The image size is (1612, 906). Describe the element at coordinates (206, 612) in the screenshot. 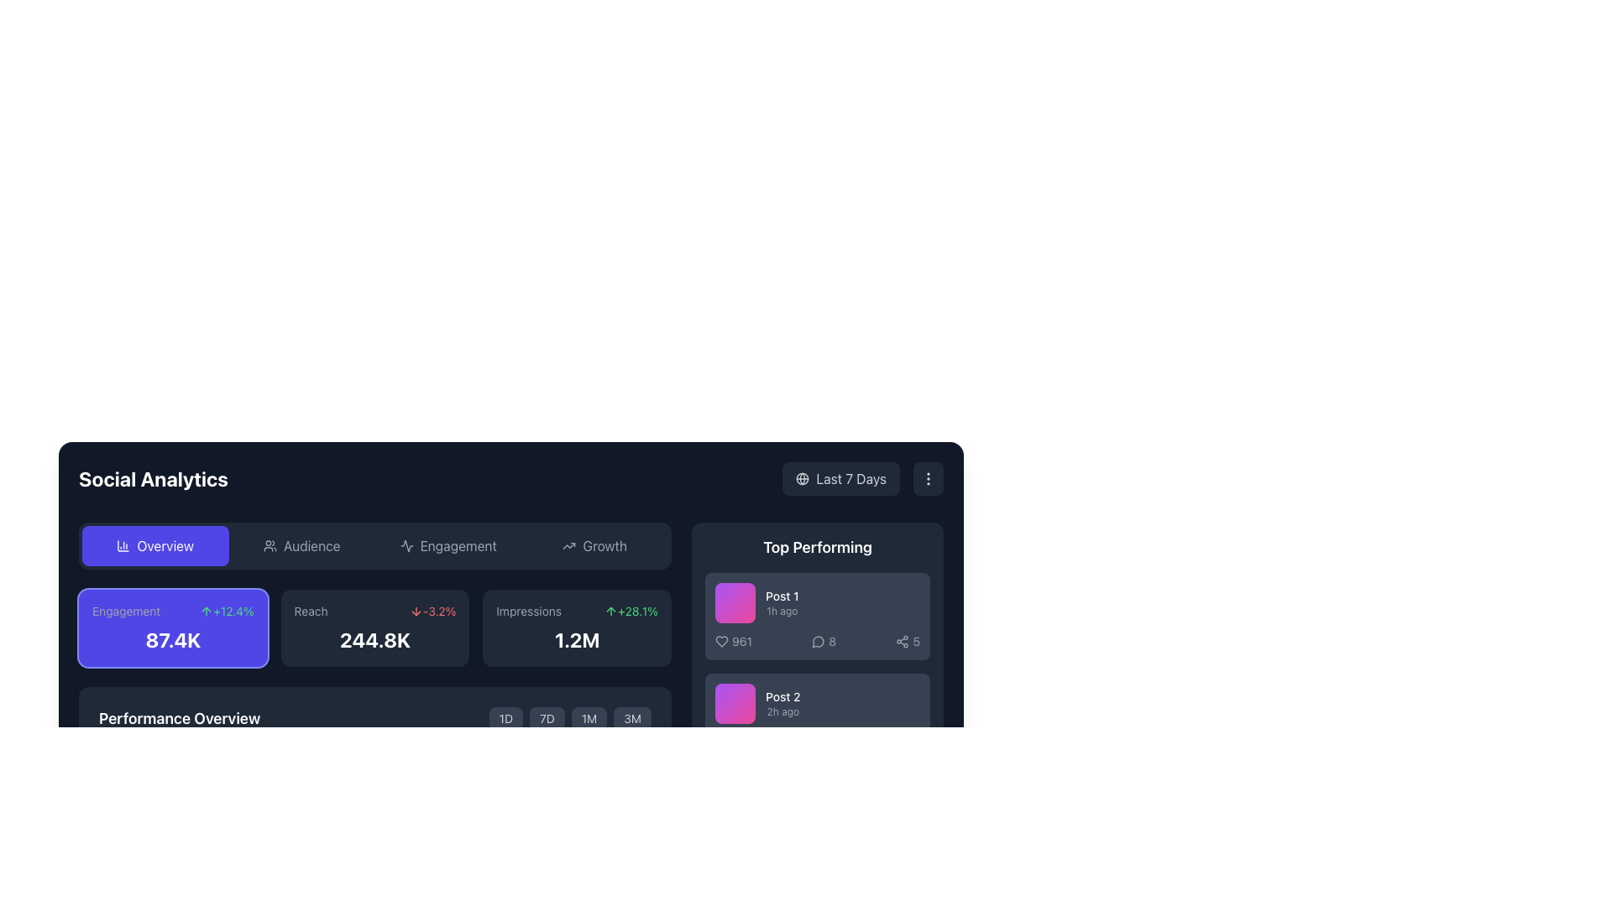

I see `the decorative upward arrow icon, which is located` at that location.